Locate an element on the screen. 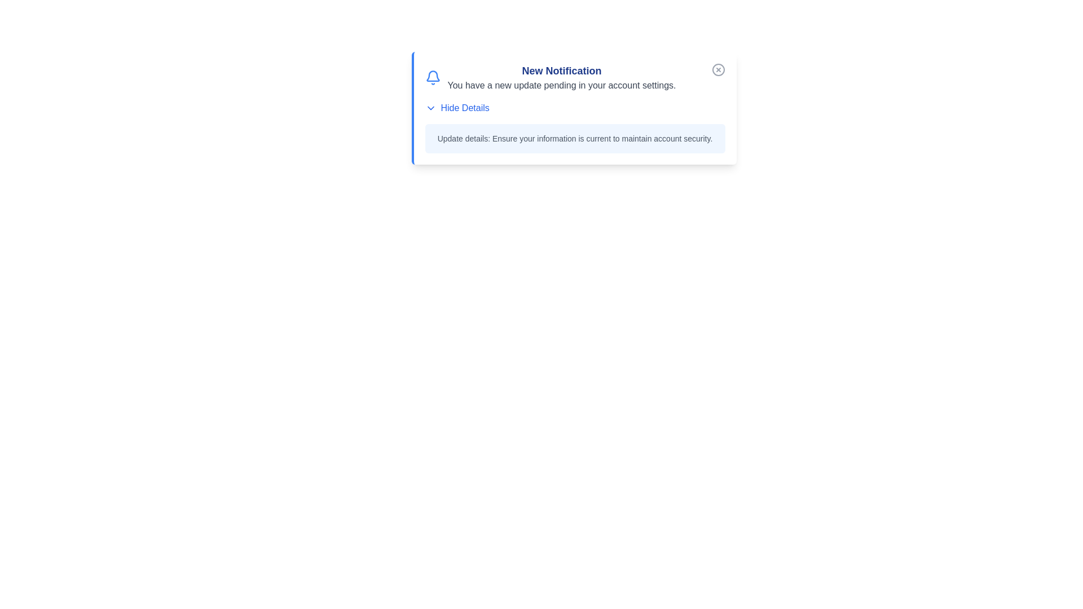 Image resolution: width=1083 pixels, height=609 pixels. the header text element reading 'New Notification', which is prominently styled in bold blue font at the top-left section of the notification box is located at coordinates (562, 71).